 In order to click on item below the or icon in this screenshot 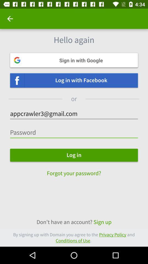, I will do `click(74, 114)`.